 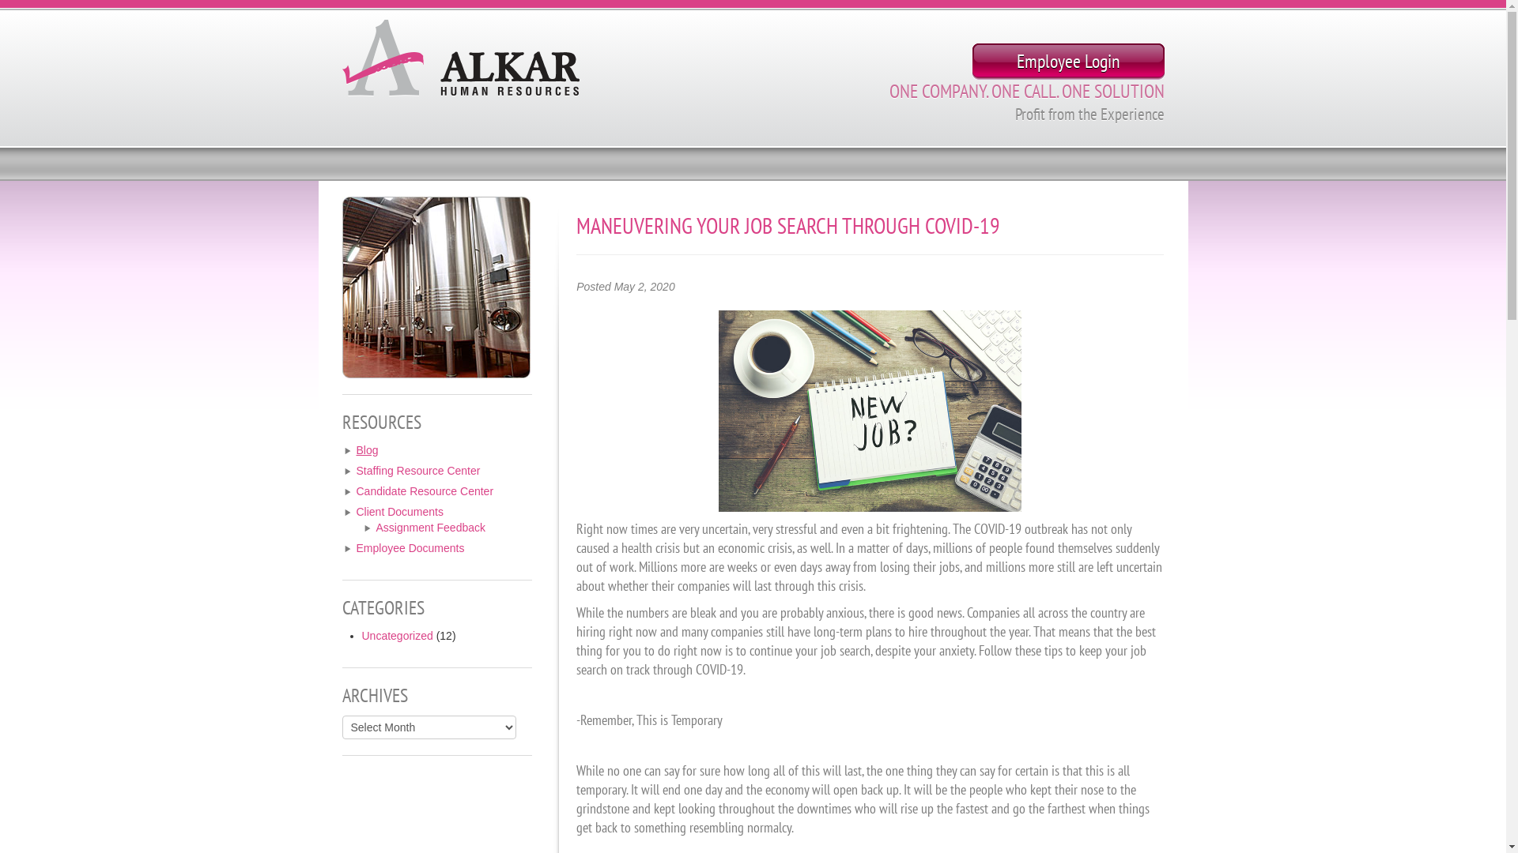 What do you see at coordinates (398, 635) in the screenshot?
I see `'Uncategorized'` at bounding box center [398, 635].